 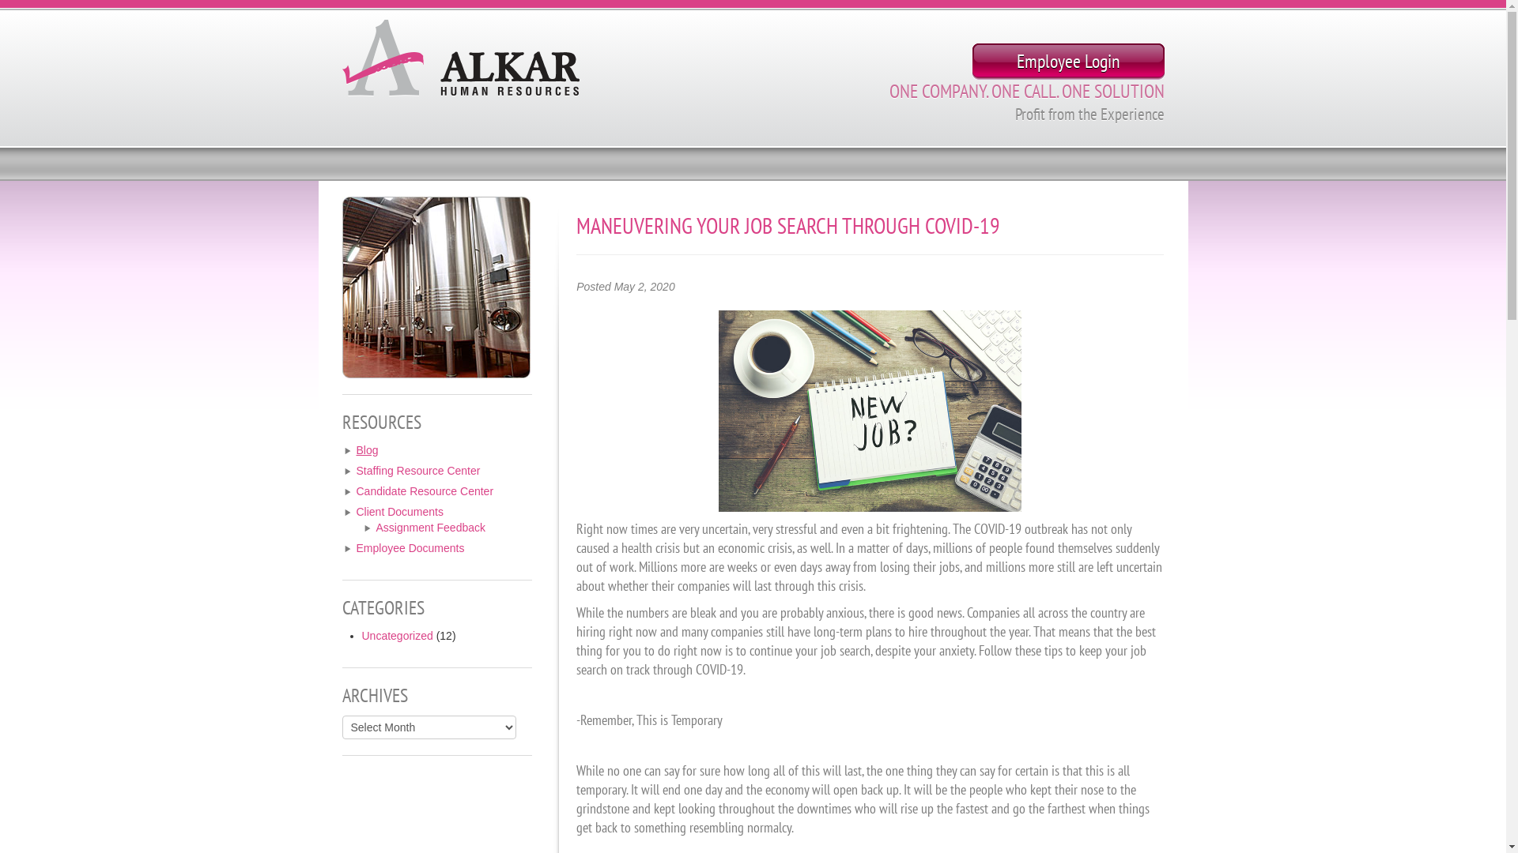 What do you see at coordinates (398, 635) in the screenshot?
I see `'Uncategorized'` at bounding box center [398, 635].